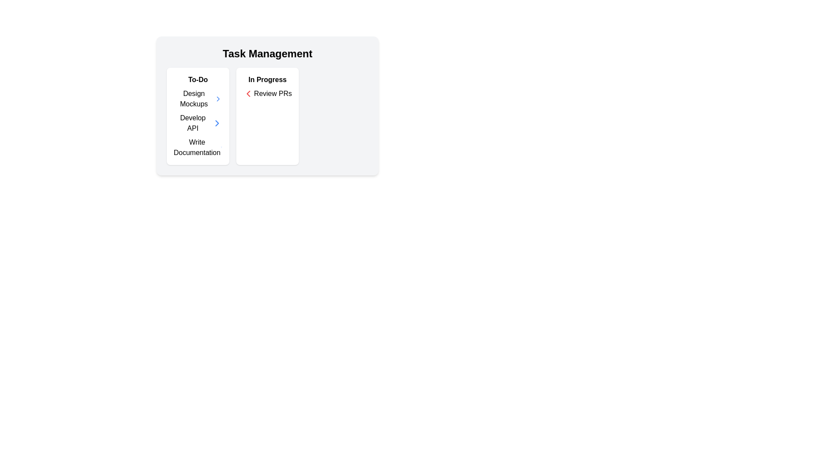 This screenshot has height=469, width=834. Describe the element at coordinates (198, 98) in the screenshot. I see `the 'Design Mockups' list item in the To-Do section` at that location.